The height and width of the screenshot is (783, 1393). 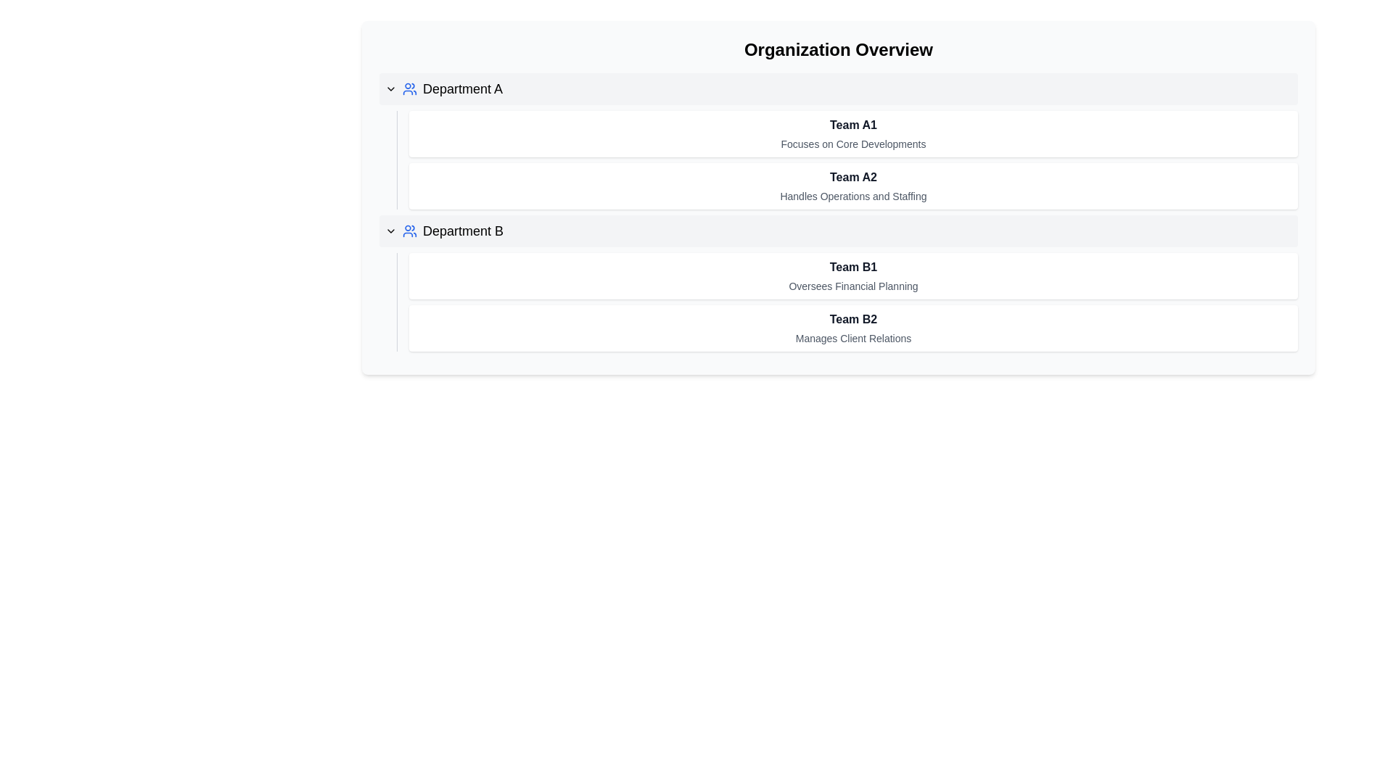 I want to click on the SVG icon representing users or a group of people located to the left of the text label 'Department B' in the interactive segment, so click(x=409, y=231).